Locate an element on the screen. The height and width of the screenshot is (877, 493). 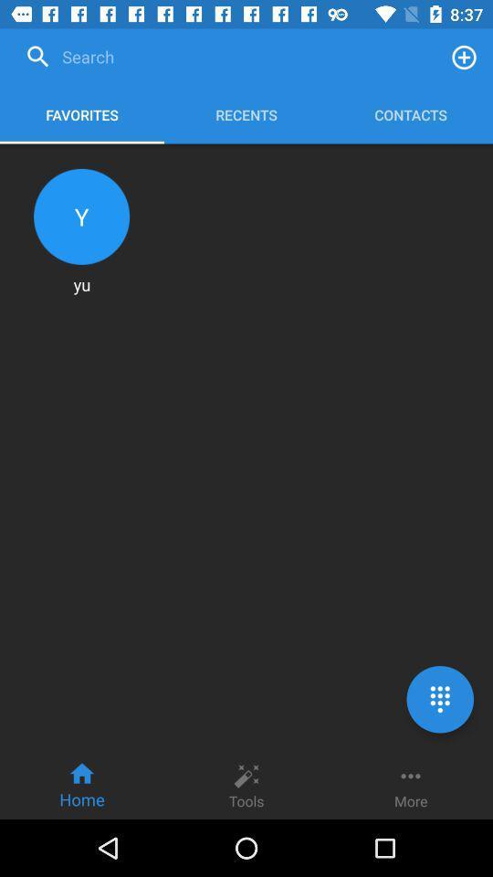
contact is located at coordinates (464, 57).